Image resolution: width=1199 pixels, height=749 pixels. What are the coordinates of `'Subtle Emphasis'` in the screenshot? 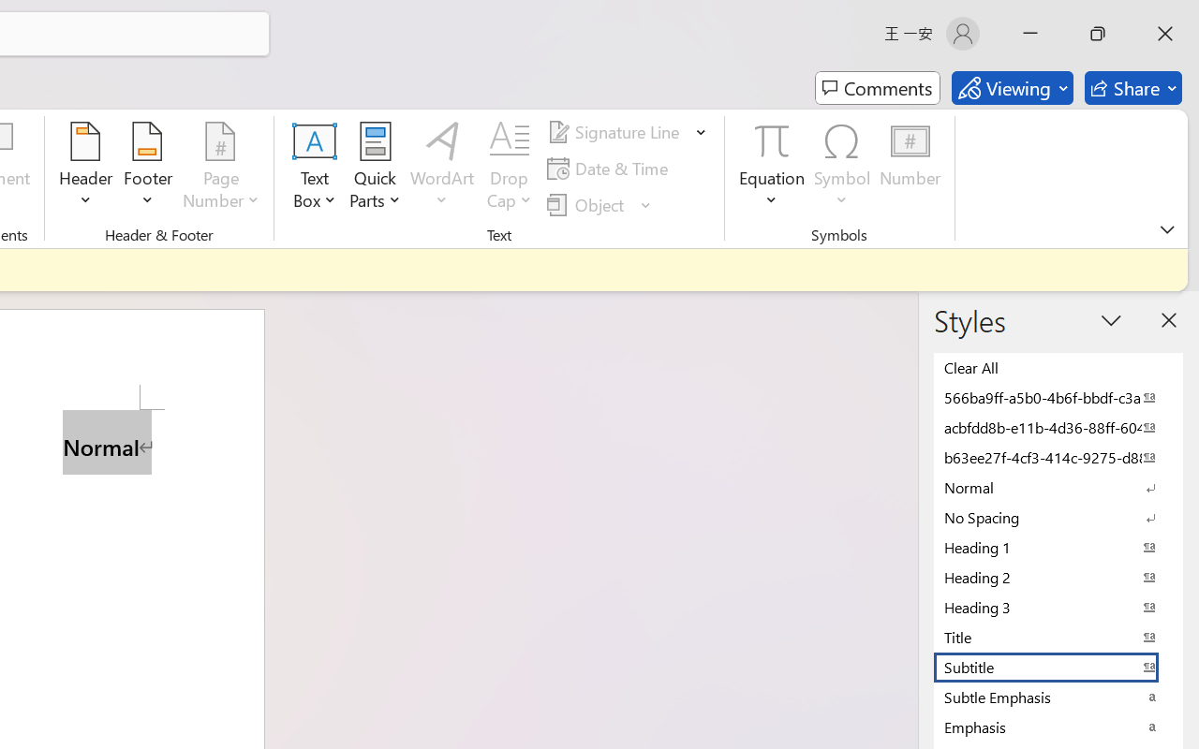 It's located at (1058, 697).